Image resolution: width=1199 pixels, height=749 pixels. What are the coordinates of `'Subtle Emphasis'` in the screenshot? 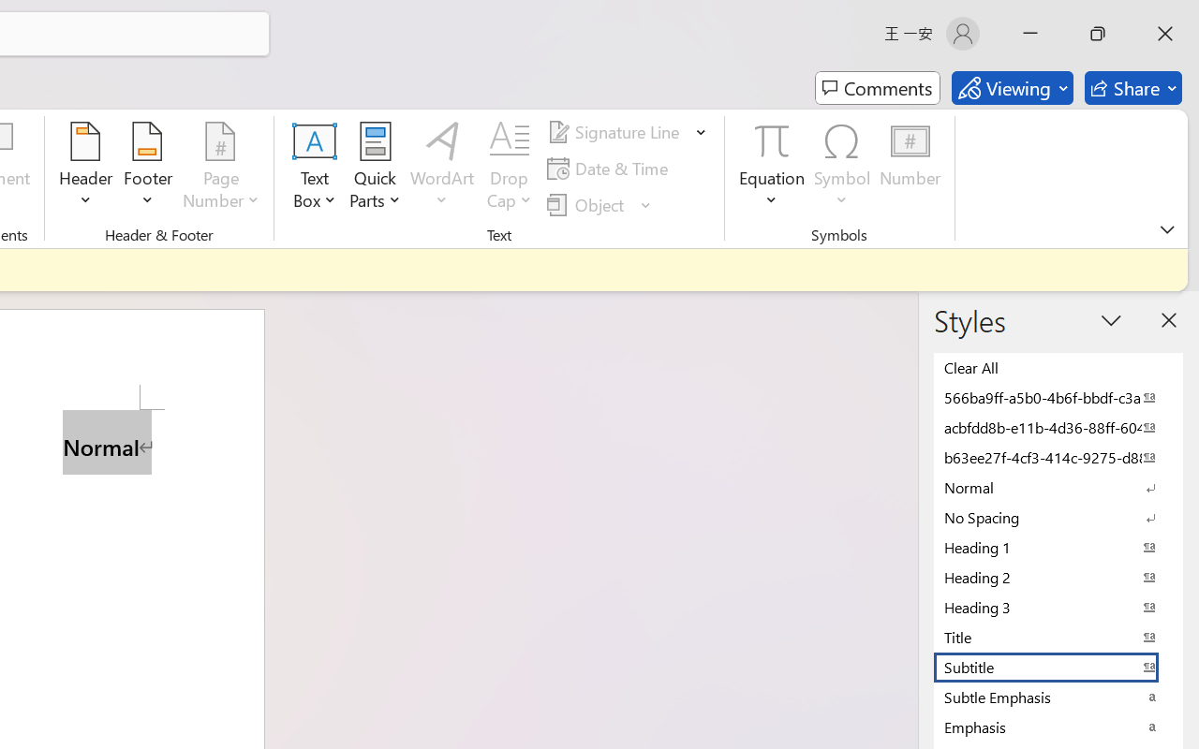 It's located at (1058, 697).